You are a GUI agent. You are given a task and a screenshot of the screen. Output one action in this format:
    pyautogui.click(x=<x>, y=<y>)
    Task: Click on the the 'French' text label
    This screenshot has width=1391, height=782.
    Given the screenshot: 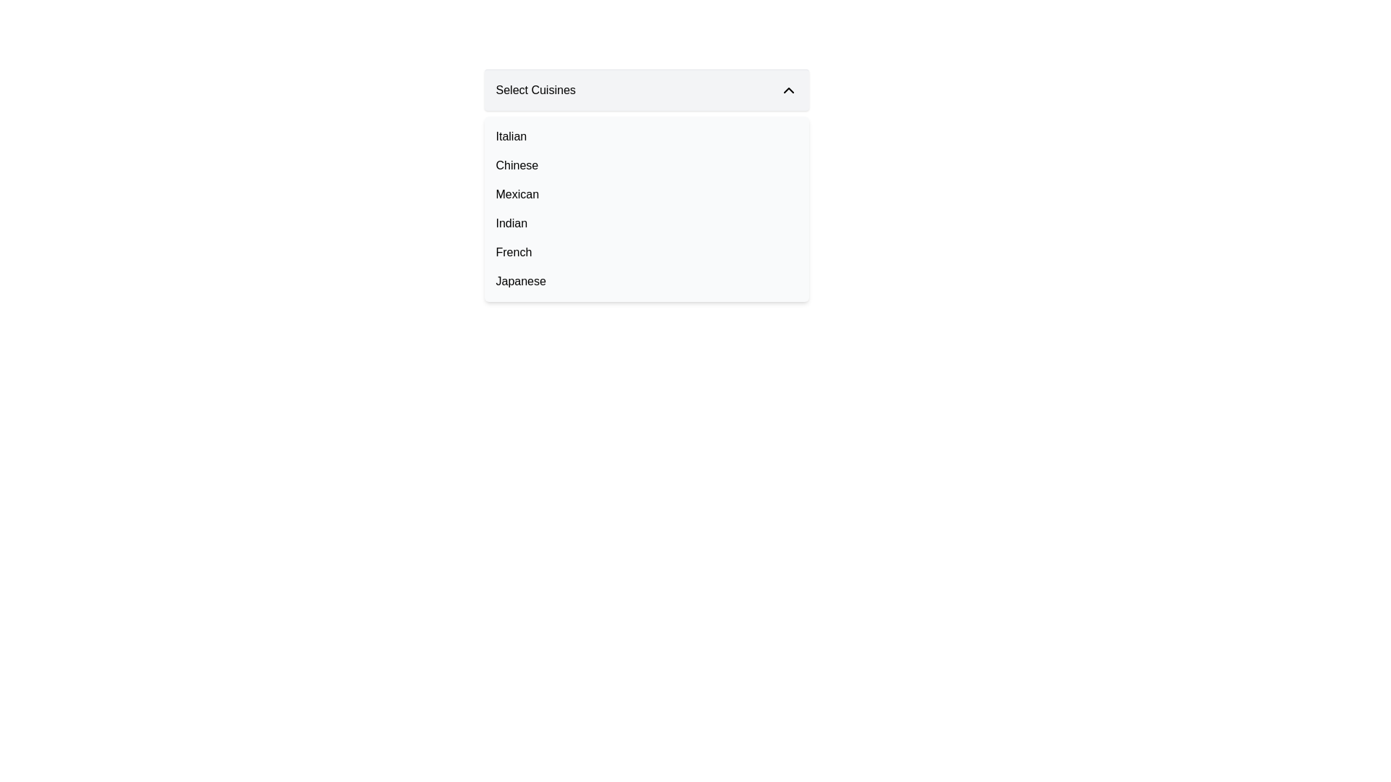 What is the action you would take?
    pyautogui.click(x=514, y=251)
    